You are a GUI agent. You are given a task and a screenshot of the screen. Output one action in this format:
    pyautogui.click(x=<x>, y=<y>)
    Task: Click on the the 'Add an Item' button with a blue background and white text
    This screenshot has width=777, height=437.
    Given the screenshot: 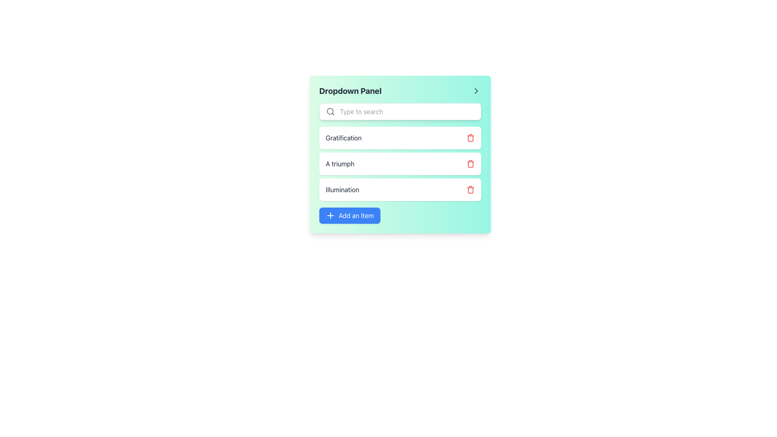 What is the action you would take?
    pyautogui.click(x=350, y=215)
    